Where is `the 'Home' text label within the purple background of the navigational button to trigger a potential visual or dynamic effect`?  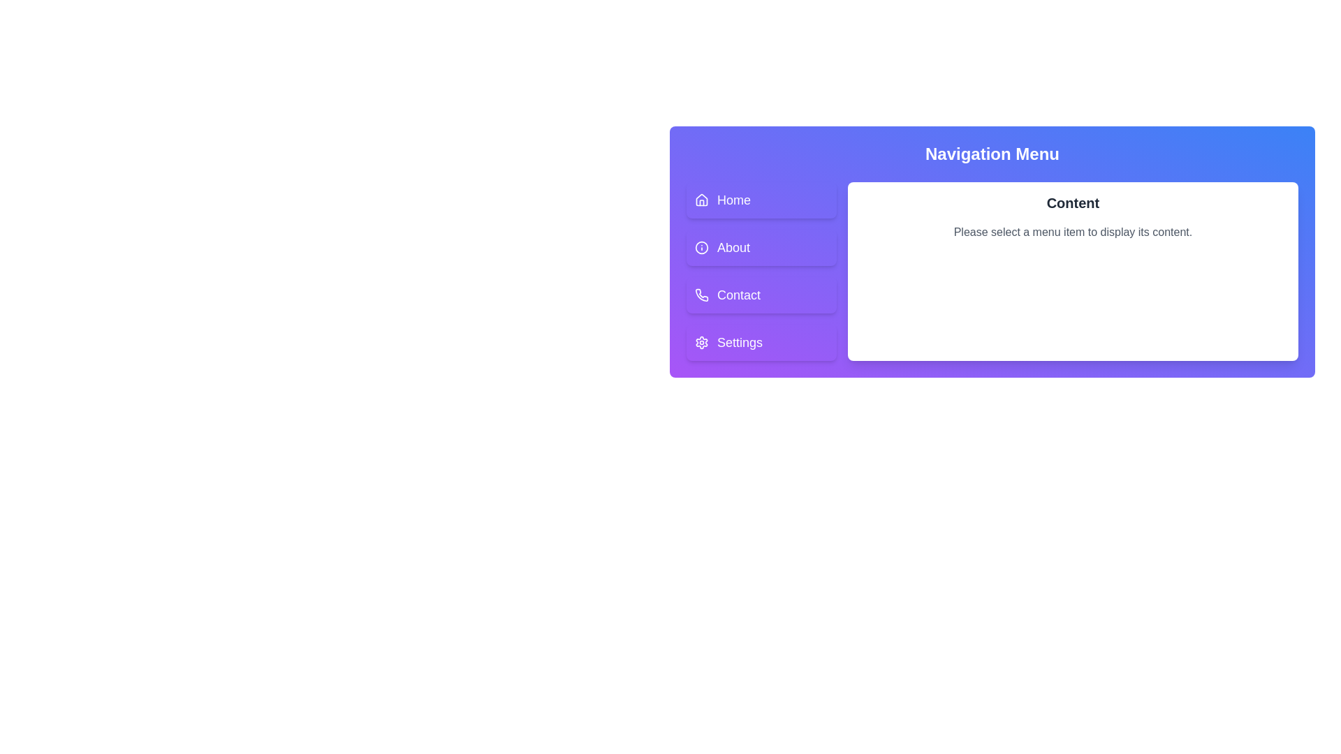 the 'Home' text label within the purple background of the navigational button to trigger a potential visual or dynamic effect is located at coordinates (733, 200).